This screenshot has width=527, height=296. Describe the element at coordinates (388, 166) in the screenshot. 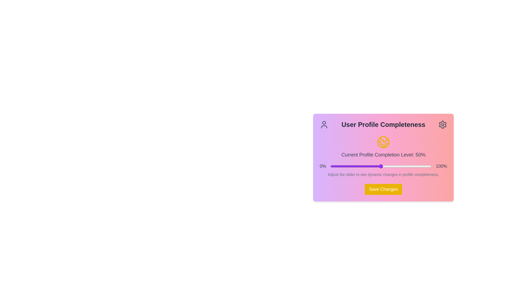

I see `the profile completion percentage` at that location.